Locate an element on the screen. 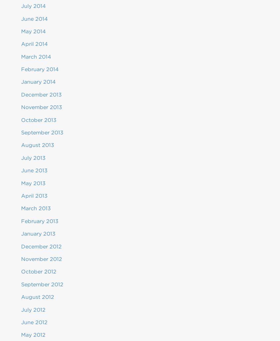 This screenshot has height=341, width=280. 'May 2012' is located at coordinates (33, 334).